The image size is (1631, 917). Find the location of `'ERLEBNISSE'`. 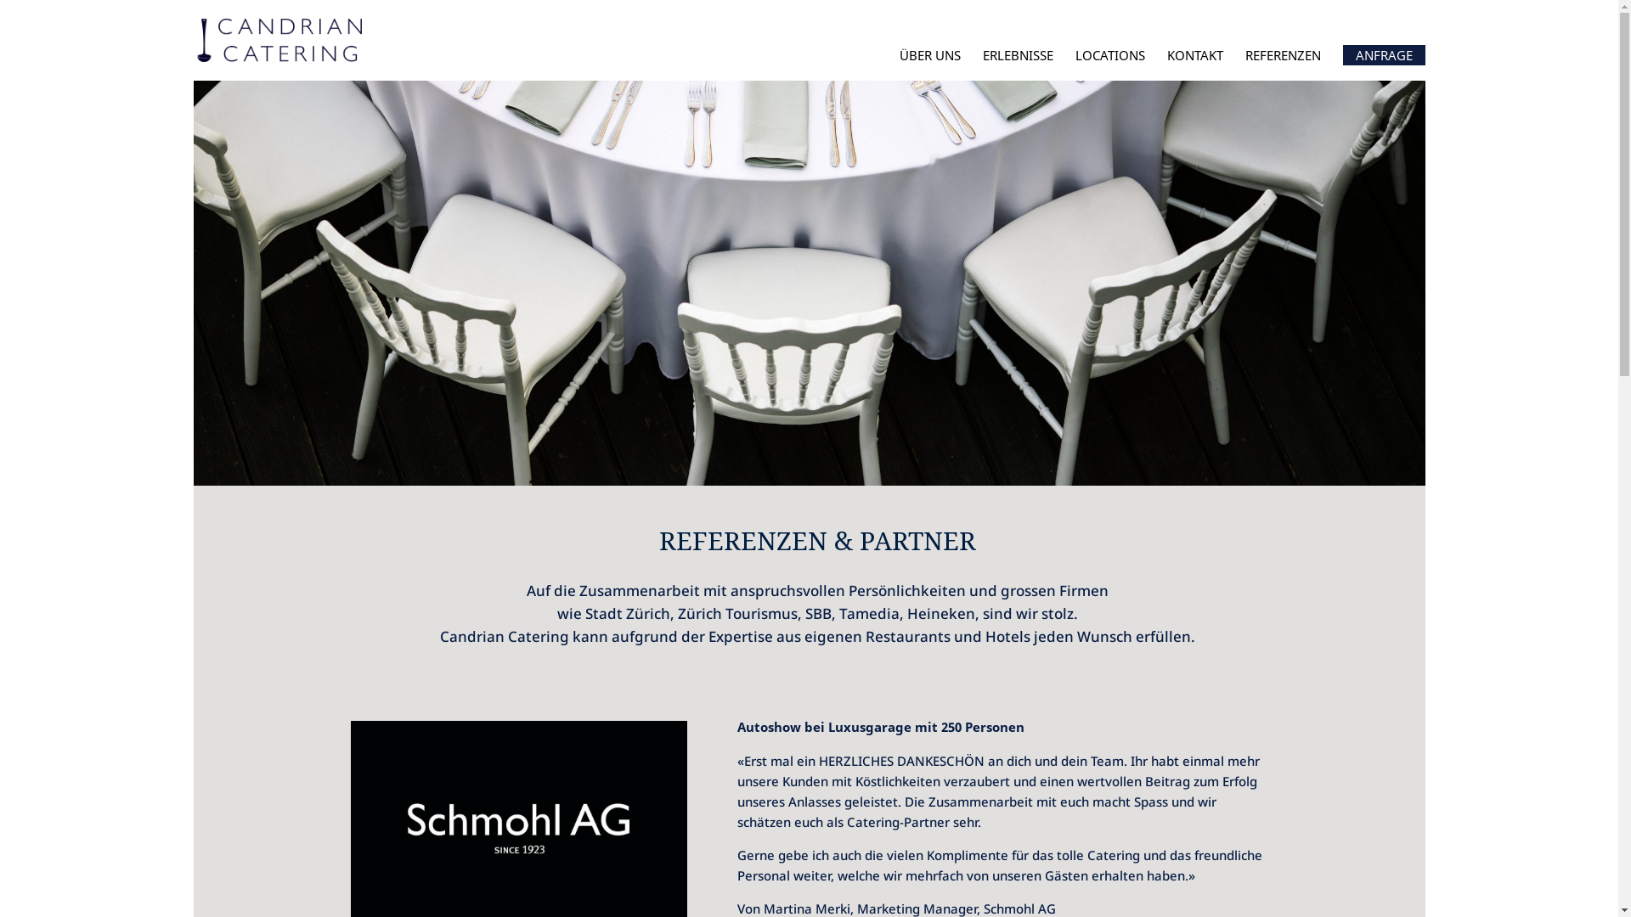

'ERLEBNISSE' is located at coordinates (1017, 70).